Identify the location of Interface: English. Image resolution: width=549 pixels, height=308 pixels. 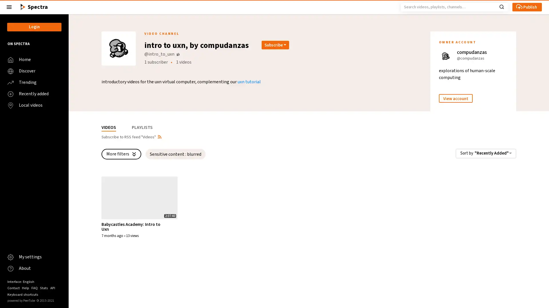
(21, 281).